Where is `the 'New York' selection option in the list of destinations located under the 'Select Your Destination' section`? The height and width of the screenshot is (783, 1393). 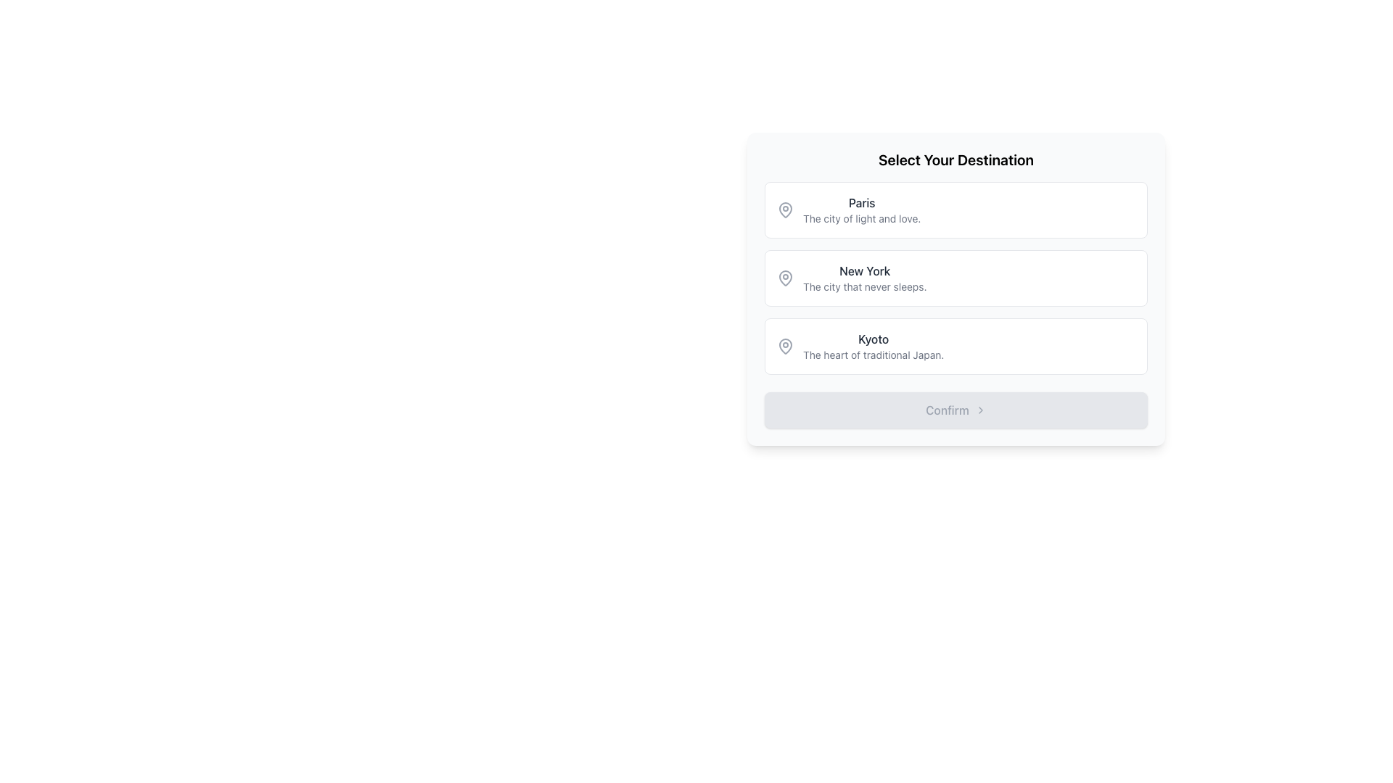 the 'New York' selection option in the list of destinations located under the 'Select Your Destination' section is located at coordinates (865, 278).